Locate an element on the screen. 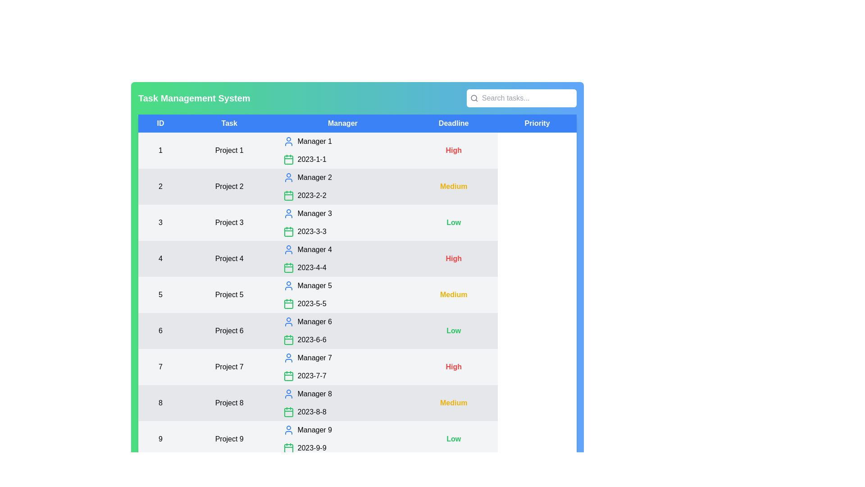  the column header ID to sort or filter the tasks is located at coordinates (160, 123).